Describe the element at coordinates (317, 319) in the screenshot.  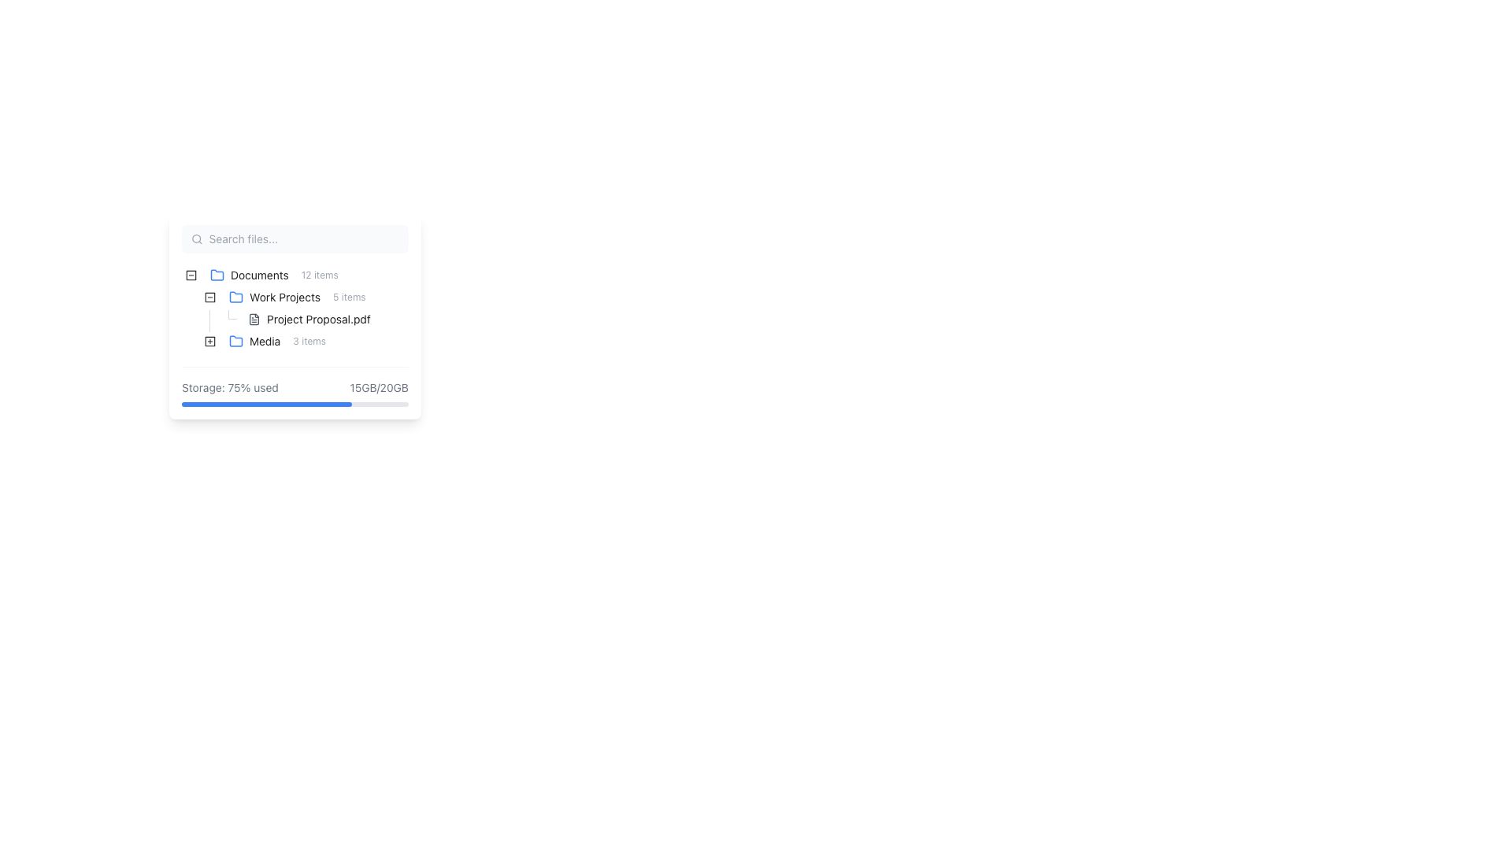
I see `the text label representing the file named 'Project Proposal.pdf'` at that location.